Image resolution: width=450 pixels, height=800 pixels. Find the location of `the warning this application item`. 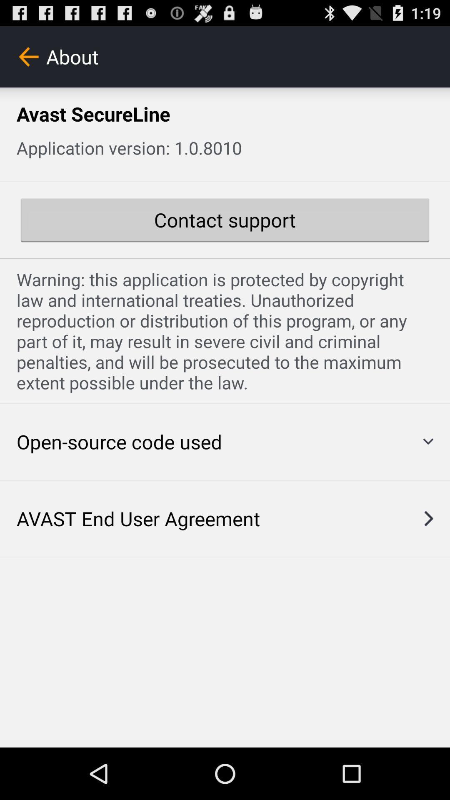

the warning this application item is located at coordinates (225, 330).